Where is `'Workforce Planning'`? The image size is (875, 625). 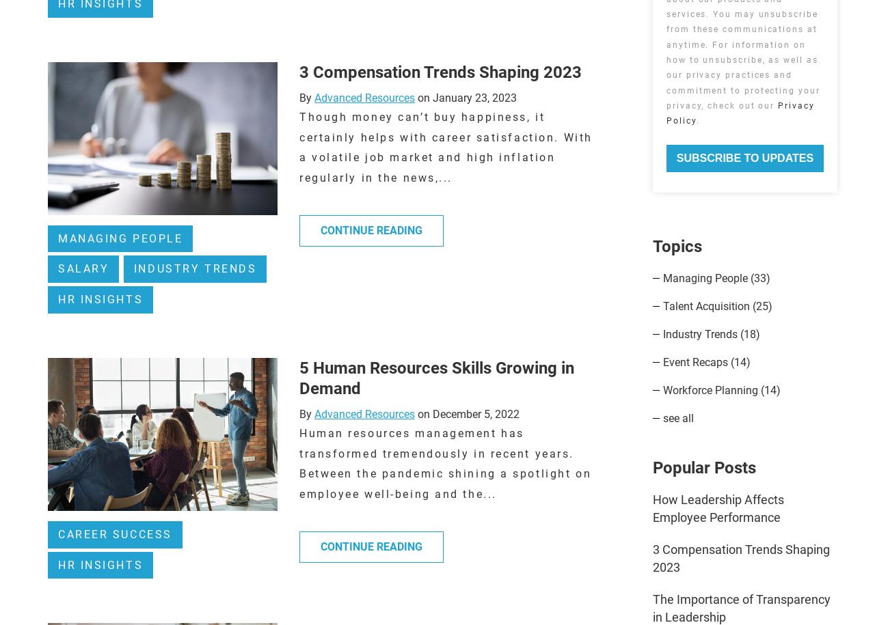
'Workforce Planning' is located at coordinates (711, 389).